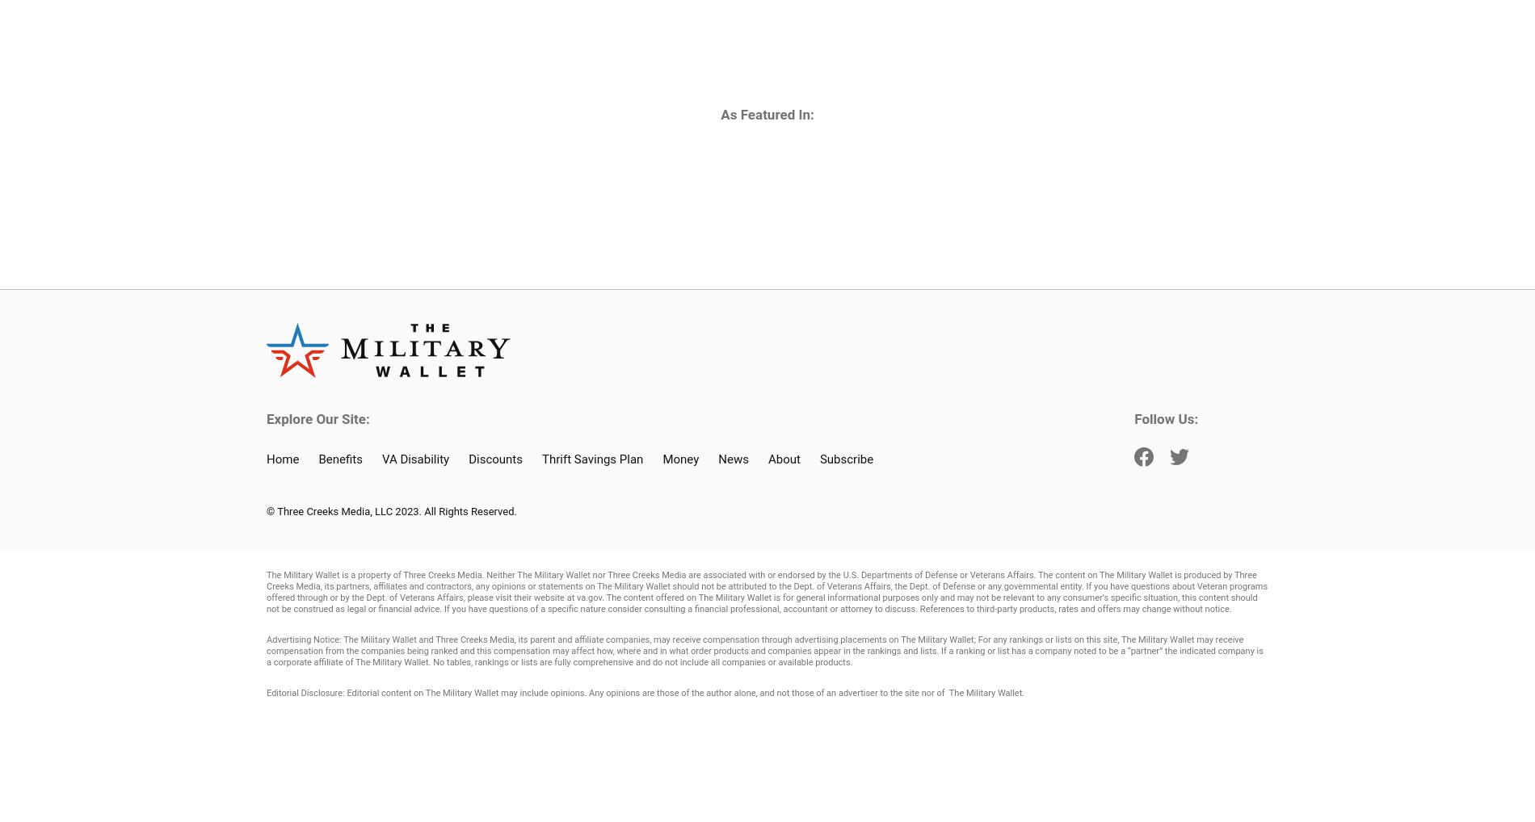 This screenshot has width=1535, height=822. Describe the element at coordinates (391, 510) in the screenshot. I see `'© Three Creeks Media, LLC 2023. All Rights Reserved.'` at that location.